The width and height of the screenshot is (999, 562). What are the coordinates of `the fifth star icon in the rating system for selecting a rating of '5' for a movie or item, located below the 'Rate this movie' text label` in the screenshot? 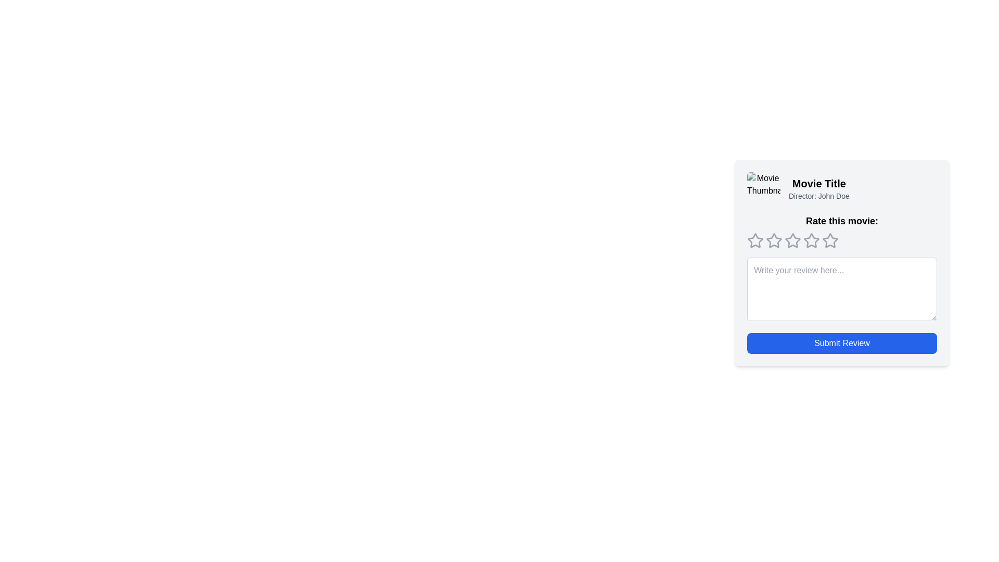 It's located at (830, 240).